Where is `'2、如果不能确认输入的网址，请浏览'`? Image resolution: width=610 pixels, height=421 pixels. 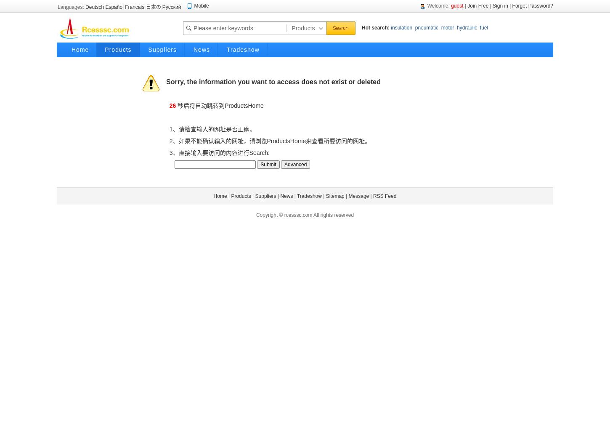
'2、如果不能确认输入的网址，请浏览' is located at coordinates (216, 141).